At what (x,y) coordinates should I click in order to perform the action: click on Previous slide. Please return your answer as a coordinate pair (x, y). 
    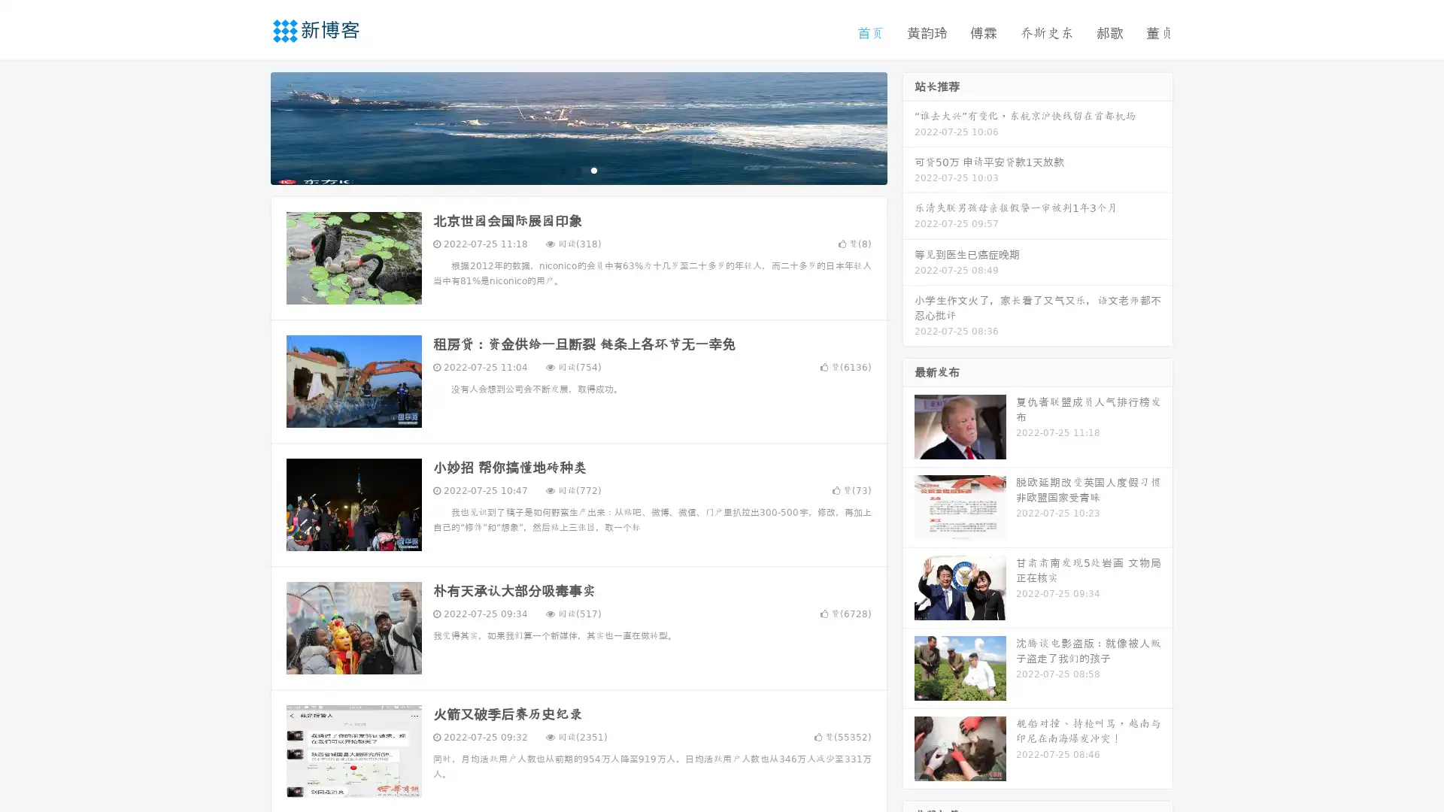
    Looking at the image, I should click on (248, 126).